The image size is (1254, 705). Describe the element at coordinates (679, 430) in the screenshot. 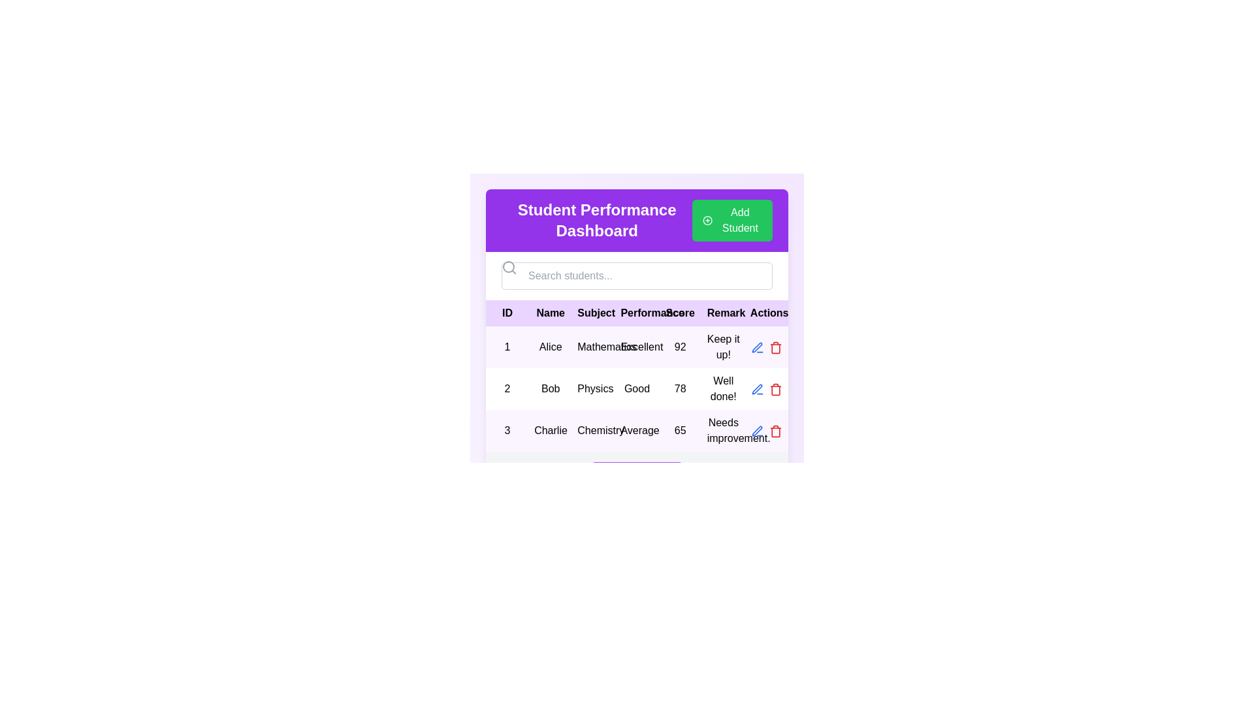

I see `the score text label for student 'Charlie' located in the fifth column of the third row of the table, positioned between 'Average' and 'Needs improvement.'` at that location.